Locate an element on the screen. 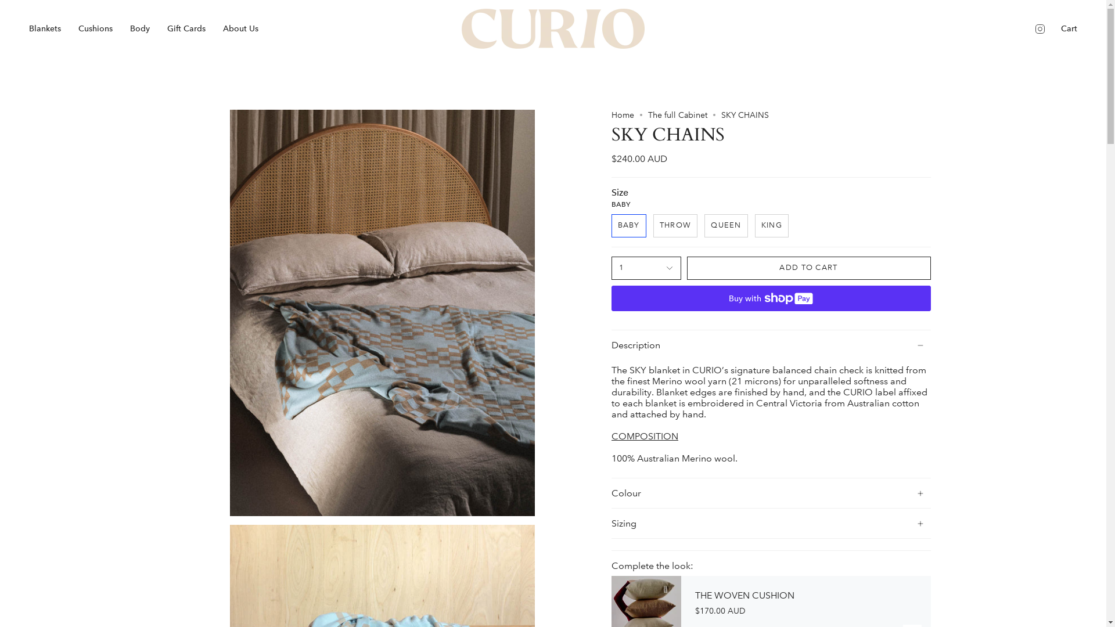  'About Us' is located at coordinates (240, 28).